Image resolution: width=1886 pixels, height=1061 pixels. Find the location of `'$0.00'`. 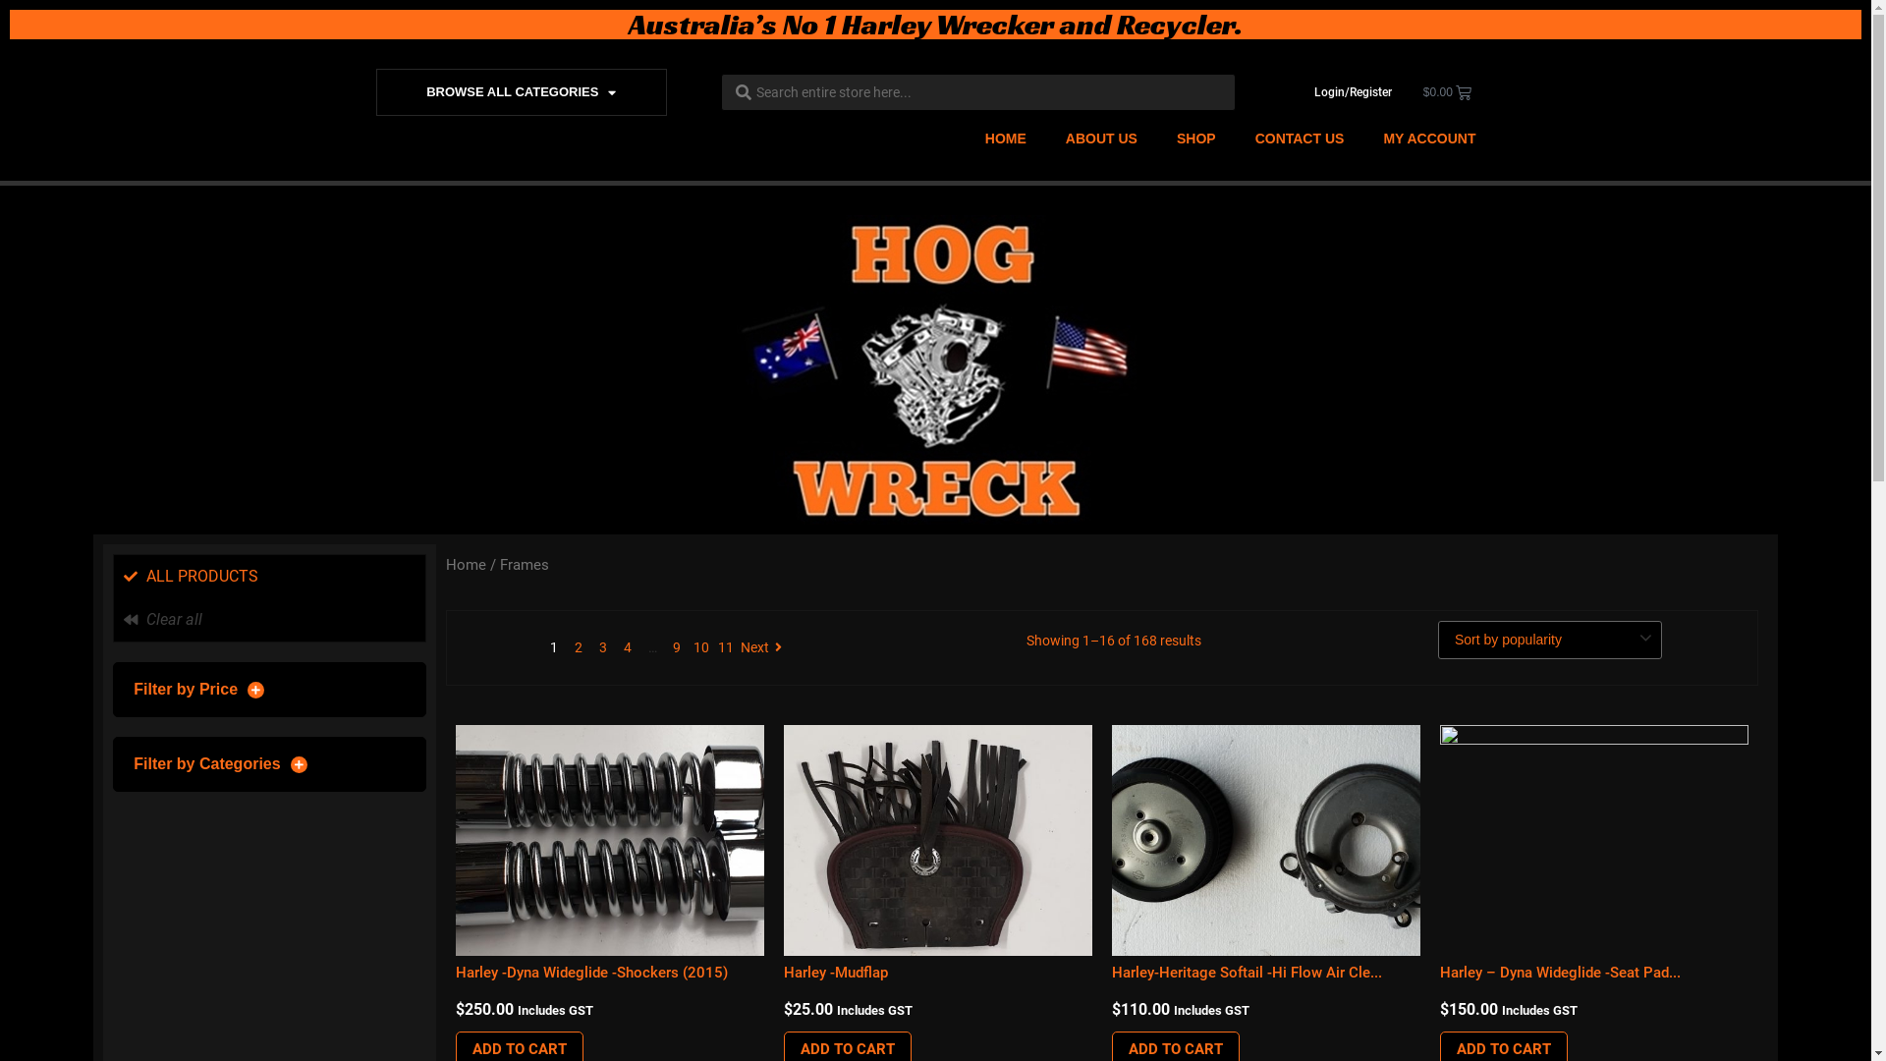

'$0.00' is located at coordinates (1447, 92).